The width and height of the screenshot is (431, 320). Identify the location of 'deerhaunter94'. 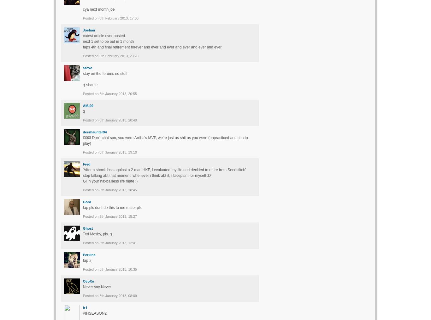
(94, 132).